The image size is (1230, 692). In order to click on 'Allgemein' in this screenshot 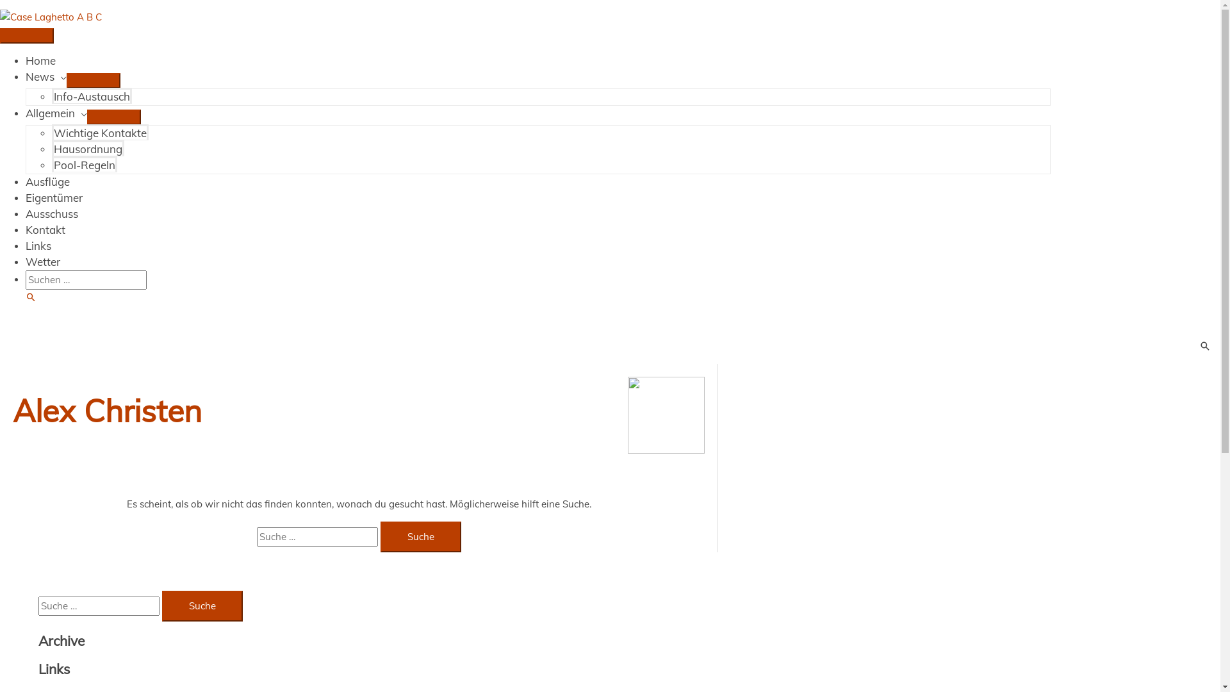, I will do `click(55, 112)`.